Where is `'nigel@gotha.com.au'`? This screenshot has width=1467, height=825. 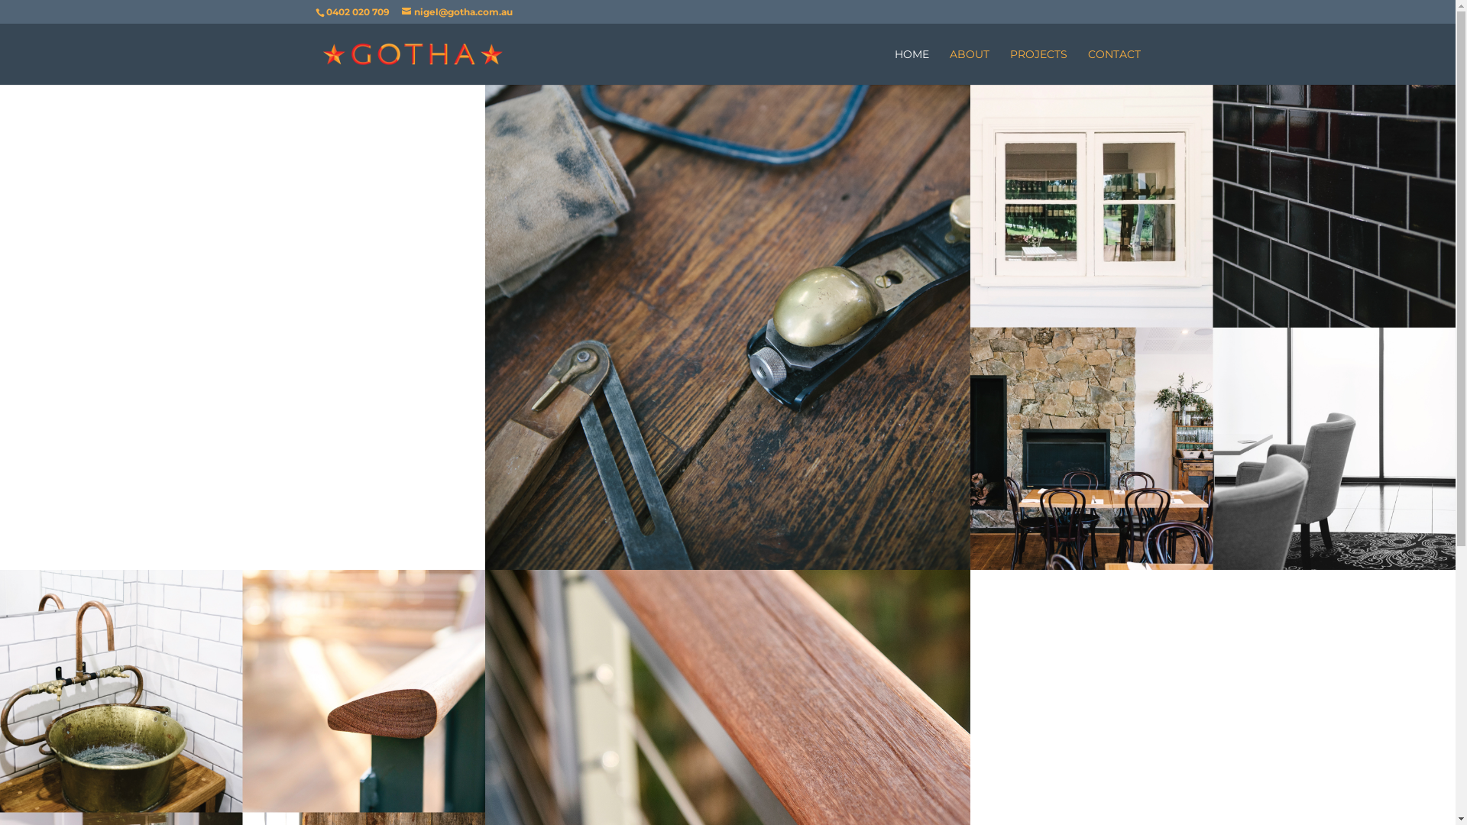
'nigel@gotha.com.au' is located at coordinates (456, 11).